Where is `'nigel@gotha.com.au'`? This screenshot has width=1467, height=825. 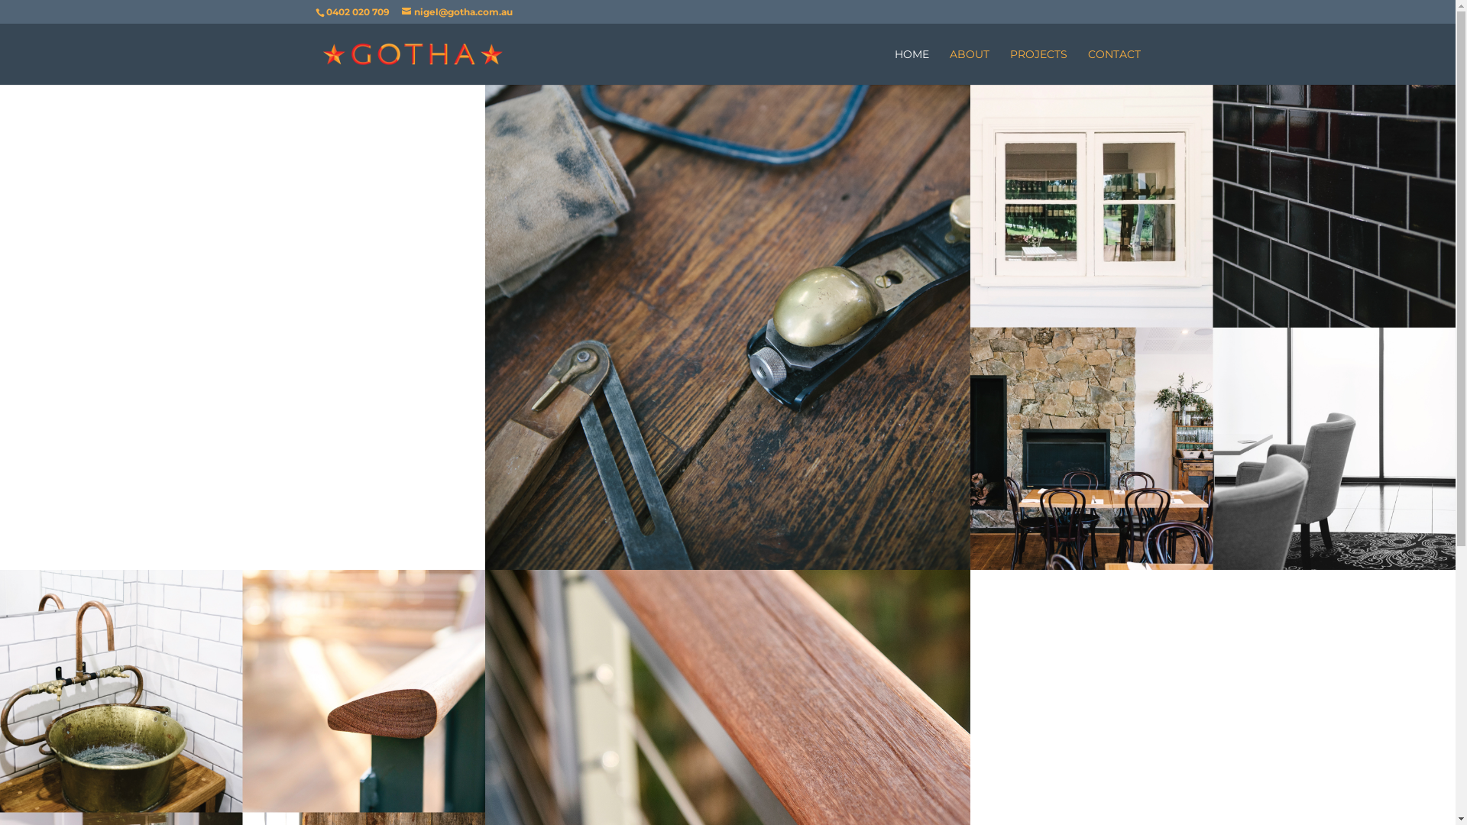
'nigel@gotha.com.au' is located at coordinates (456, 11).